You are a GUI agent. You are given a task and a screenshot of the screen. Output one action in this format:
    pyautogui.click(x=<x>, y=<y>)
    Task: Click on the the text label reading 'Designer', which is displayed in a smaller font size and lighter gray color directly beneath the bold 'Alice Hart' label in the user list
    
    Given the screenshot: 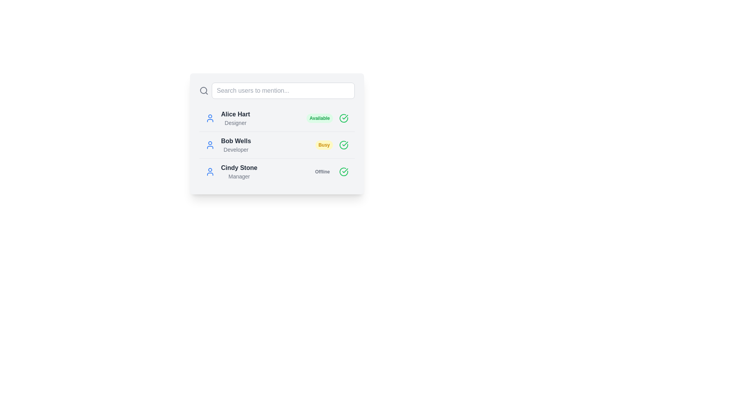 What is the action you would take?
    pyautogui.click(x=235, y=122)
    